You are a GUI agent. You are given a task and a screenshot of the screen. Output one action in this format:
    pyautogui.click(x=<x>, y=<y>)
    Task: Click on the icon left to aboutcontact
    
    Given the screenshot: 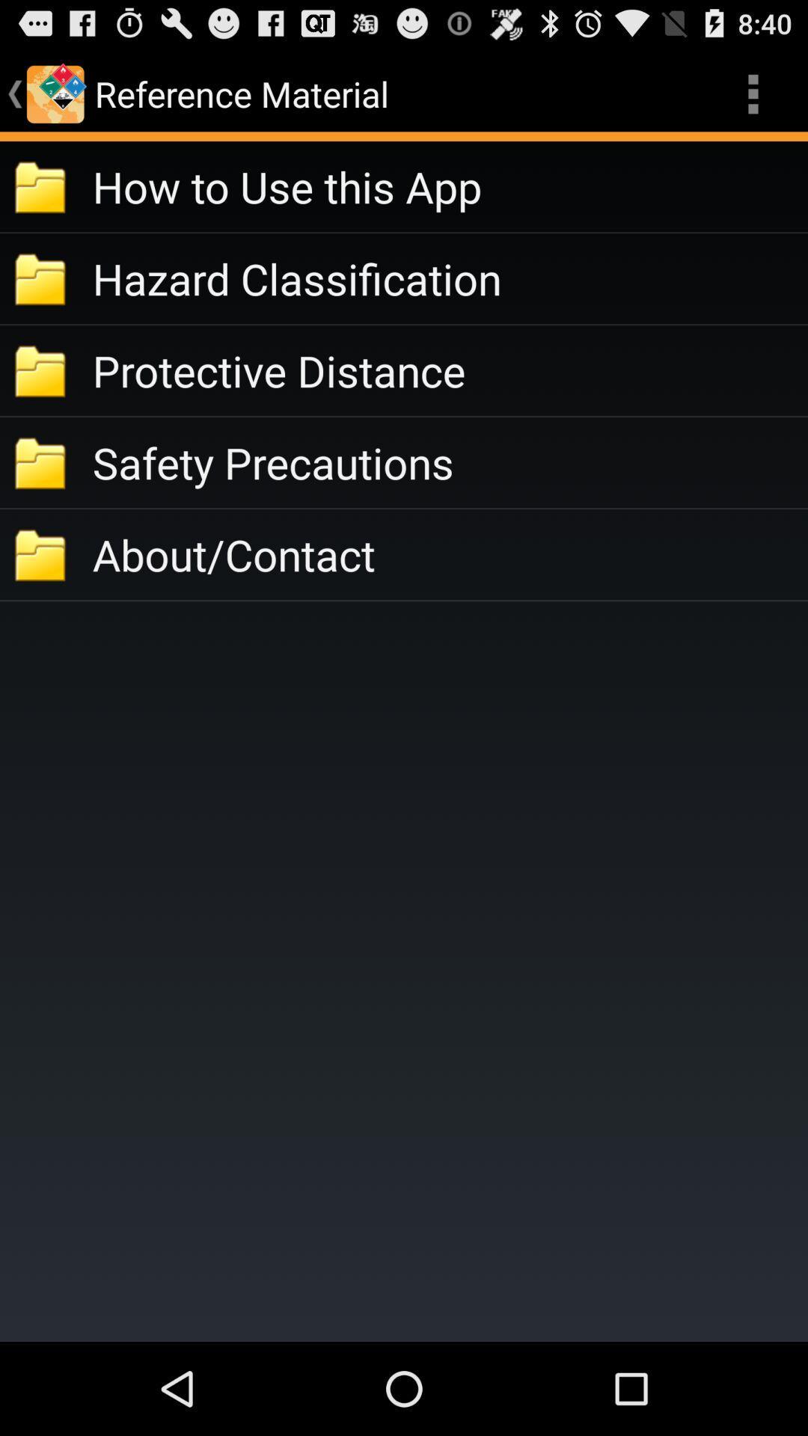 What is the action you would take?
    pyautogui.click(x=41, y=554)
    